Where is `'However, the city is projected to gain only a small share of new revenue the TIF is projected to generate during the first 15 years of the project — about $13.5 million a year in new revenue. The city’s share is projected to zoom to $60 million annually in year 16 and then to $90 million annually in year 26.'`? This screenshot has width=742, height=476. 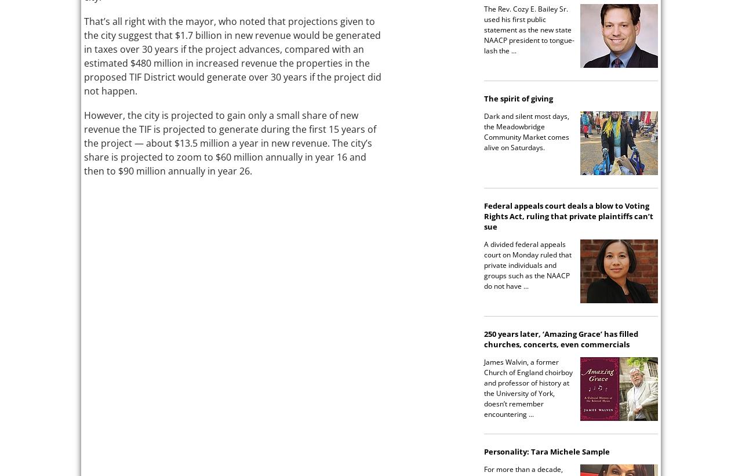 'However, the city is projected to gain only a small share of new revenue the TIF is projected to generate during the first 15 years of the project — about $13.5 million a year in new revenue. The city’s share is projected to zoom to $60 million annually in year 16 and then to $90 million annually in year 26.' is located at coordinates (230, 142).